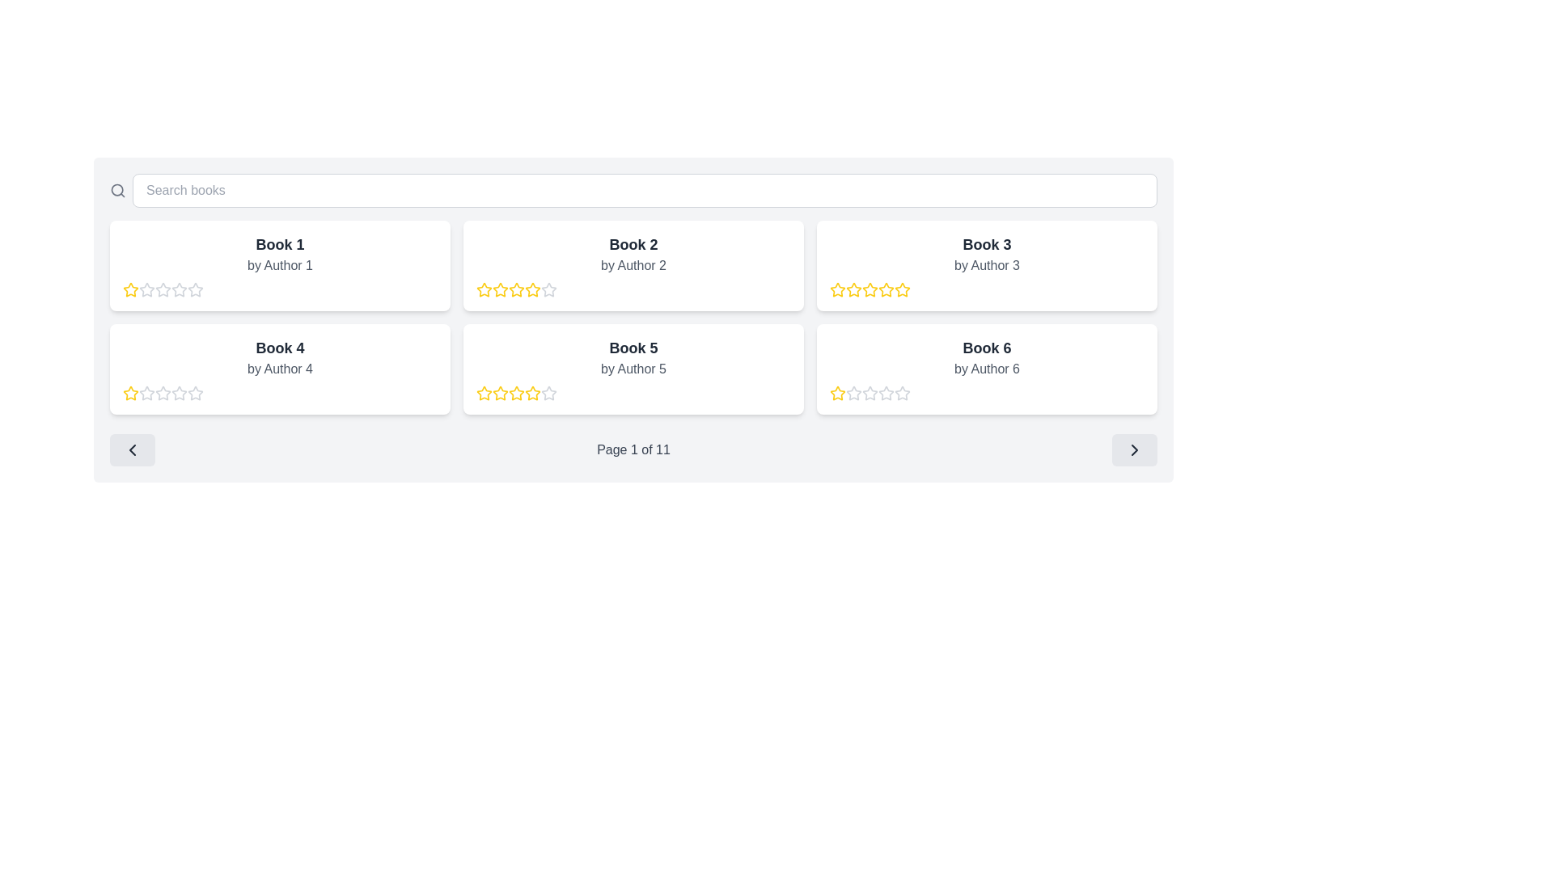  What do you see at coordinates (132, 449) in the screenshot?
I see `the chevron icon located in the bottom-left corner of the interface within a rectangular button` at bounding box center [132, 449].